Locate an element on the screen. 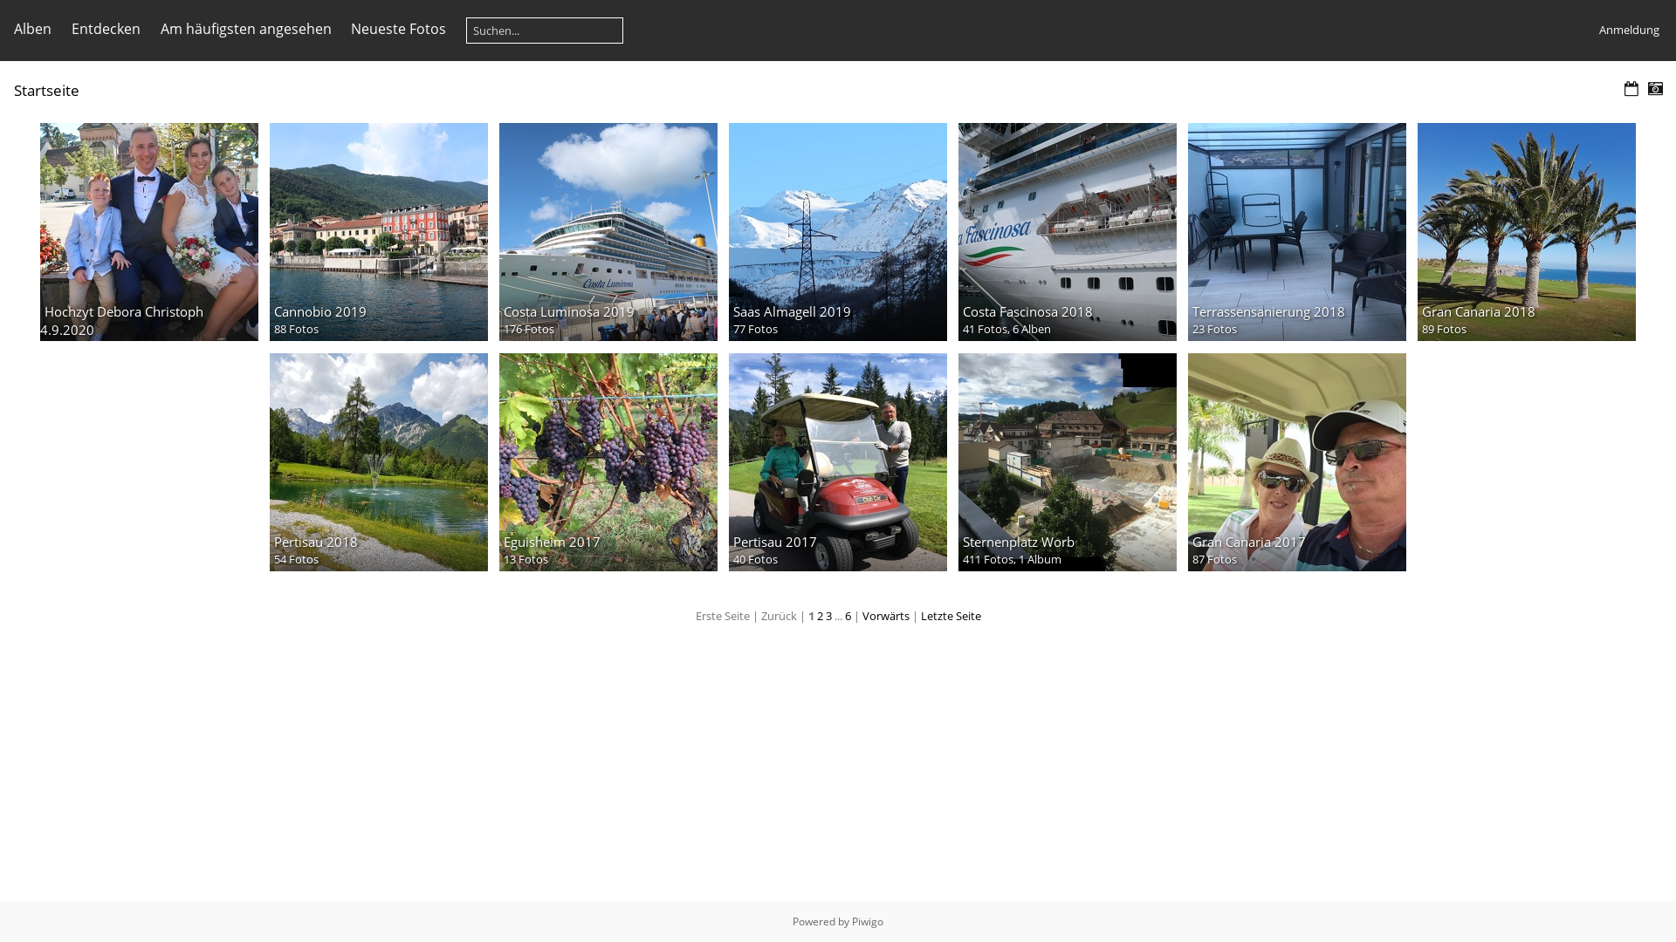 This screenshot has width=1676, height=942. 'Costa Fascinosa 2018 is located at coordinates (1067, 231).